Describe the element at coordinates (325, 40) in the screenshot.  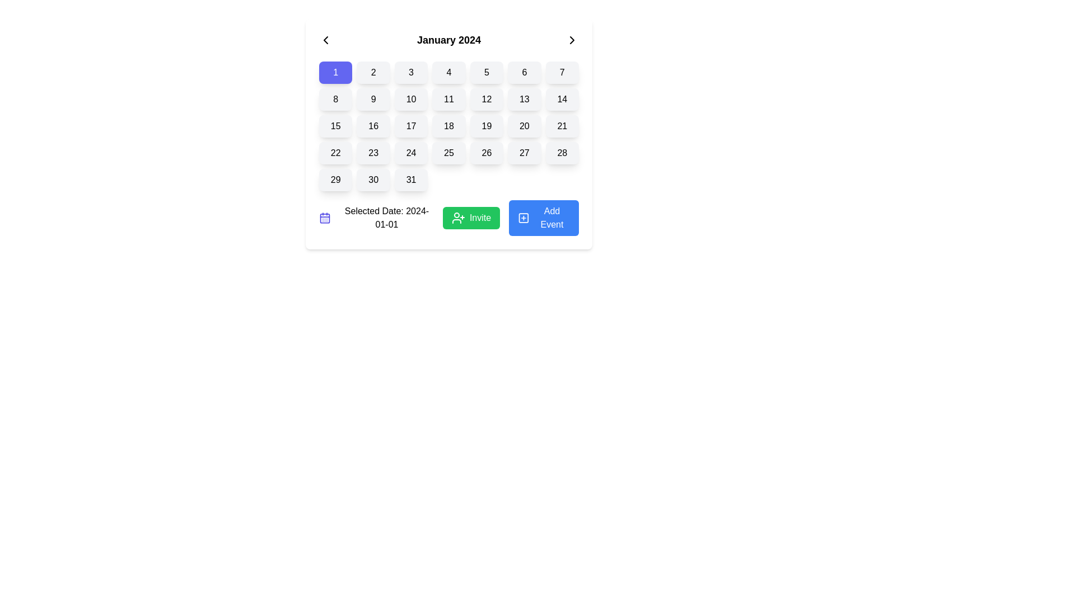
I see `the leftward-pointing chevron icon next to the 'January 2024' text` at that location.